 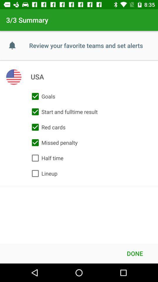 What do you see at coordinates (135, 253) in the screenshot?
I see `the done at the bottom right corner` at bounding box center [135, 253].